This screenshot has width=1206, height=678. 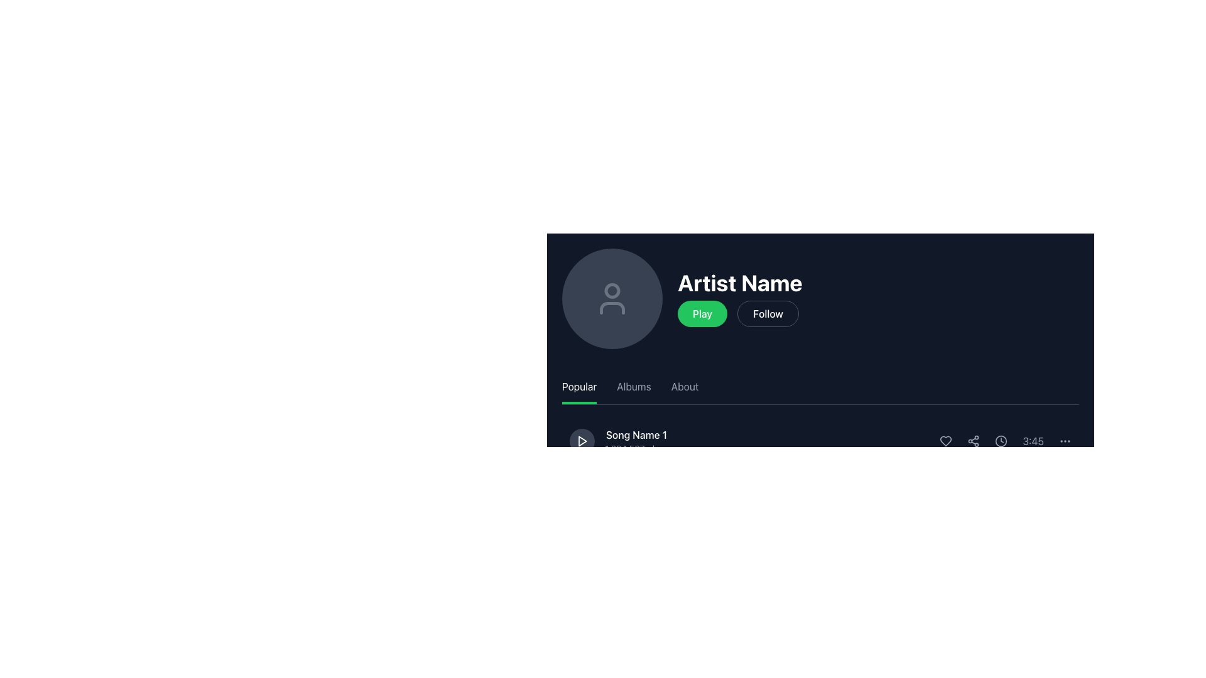 What do you see at coordinates (633, 386) in the screenshot?
I see `the second navigation link for albums located in the horizontal navigation bar, positioned between 'Popular' and 'About'` at bounding box center [633, 386].